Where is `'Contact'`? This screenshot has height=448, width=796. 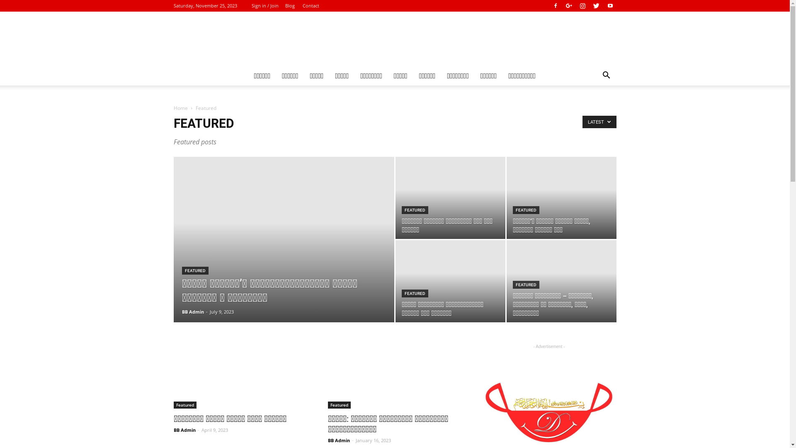 'Contact' is located at coordinates (302, 5).